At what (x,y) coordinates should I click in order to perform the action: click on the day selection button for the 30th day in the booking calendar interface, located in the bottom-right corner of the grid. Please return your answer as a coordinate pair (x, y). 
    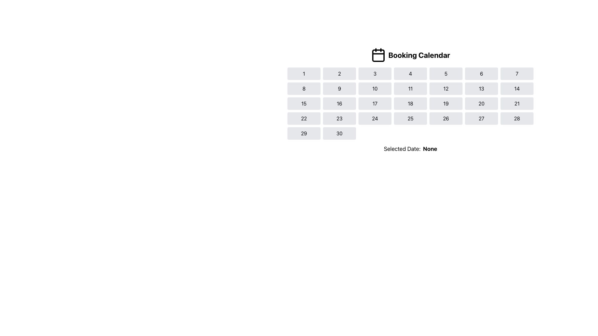
    Looking at the image, I should click on (339, 133).